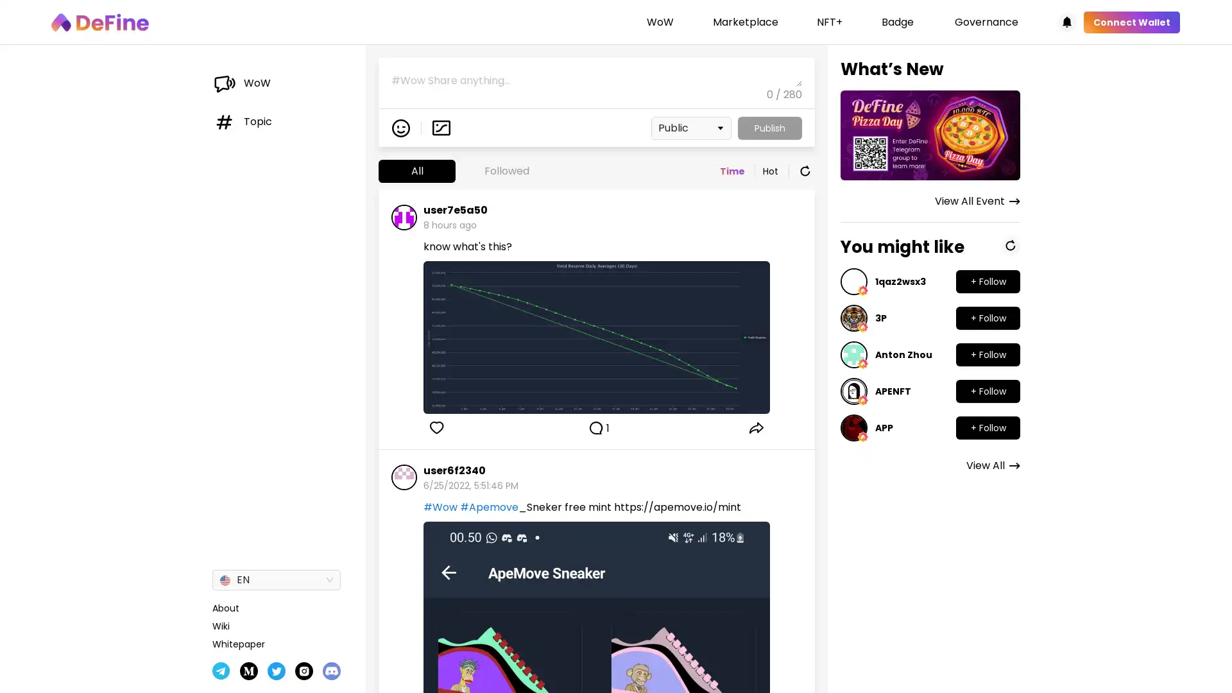 The width and height of the screenshot is (1232, 693). What do you see at coordinates (988, 390) in the screenshot?
I see `+ Follow` at bounding box center [988, 390].